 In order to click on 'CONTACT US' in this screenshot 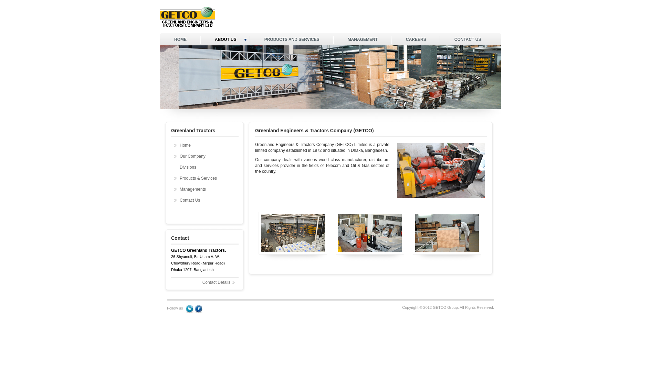, I will do `click(468, 40)`.